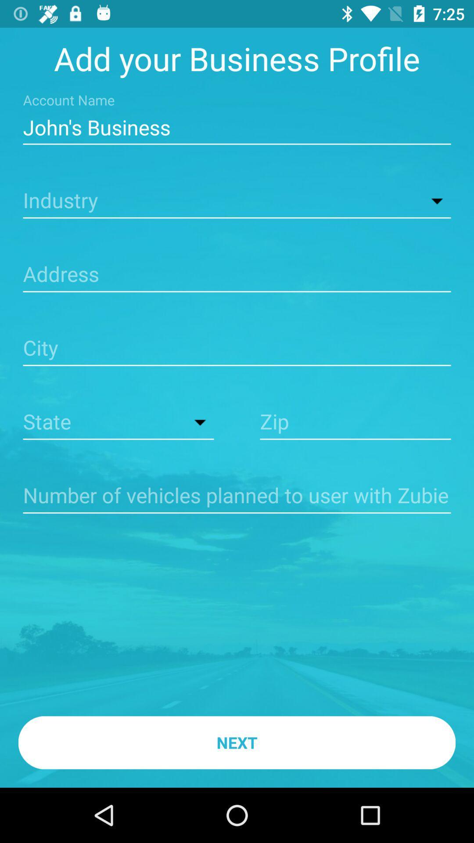 The height and width of the screenshot is (843, 474). What do you see at coordinates (237, 201) in the screenshot?
I see `open drop down` at bounding box center [237, 201].